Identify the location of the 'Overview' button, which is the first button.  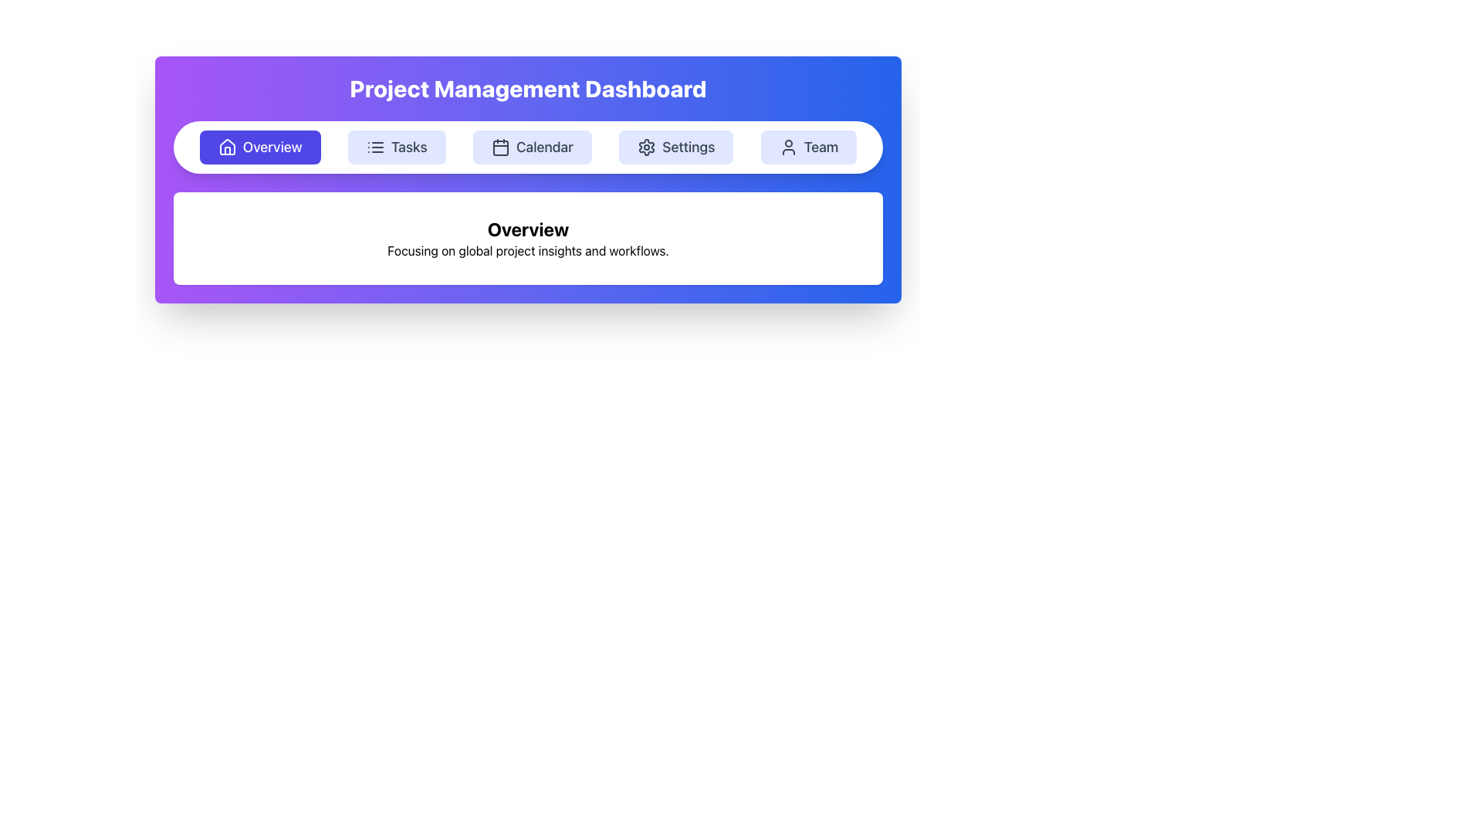
(260, 147).